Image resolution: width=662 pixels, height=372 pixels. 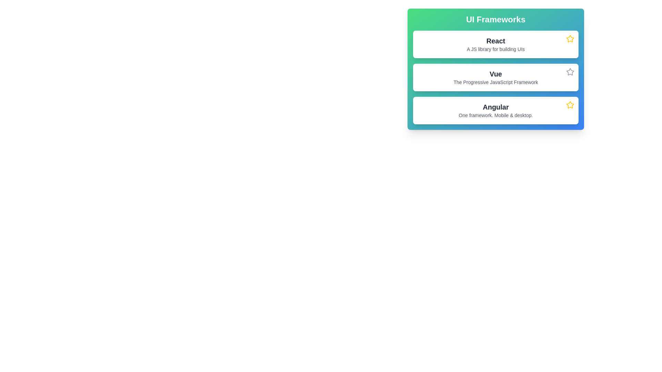 I want to click on the star icon located in the top-right corner of the card that contains the title 'Angular' and description 'One framework. Mobile & desktop.', so click(x=570, y=105).